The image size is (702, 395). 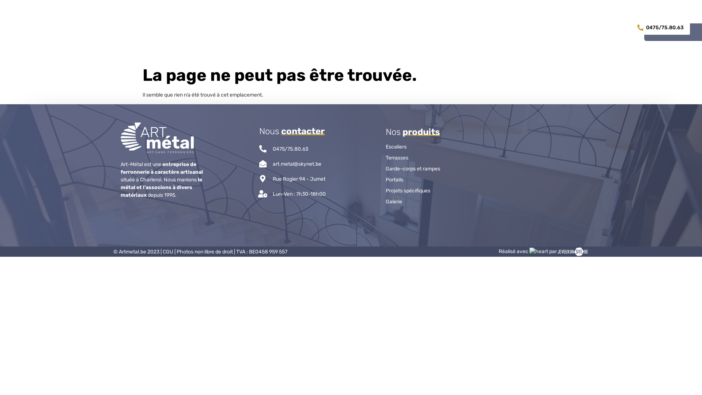 I want to click on 'ACCUEIL', so click(x=249, y=28).